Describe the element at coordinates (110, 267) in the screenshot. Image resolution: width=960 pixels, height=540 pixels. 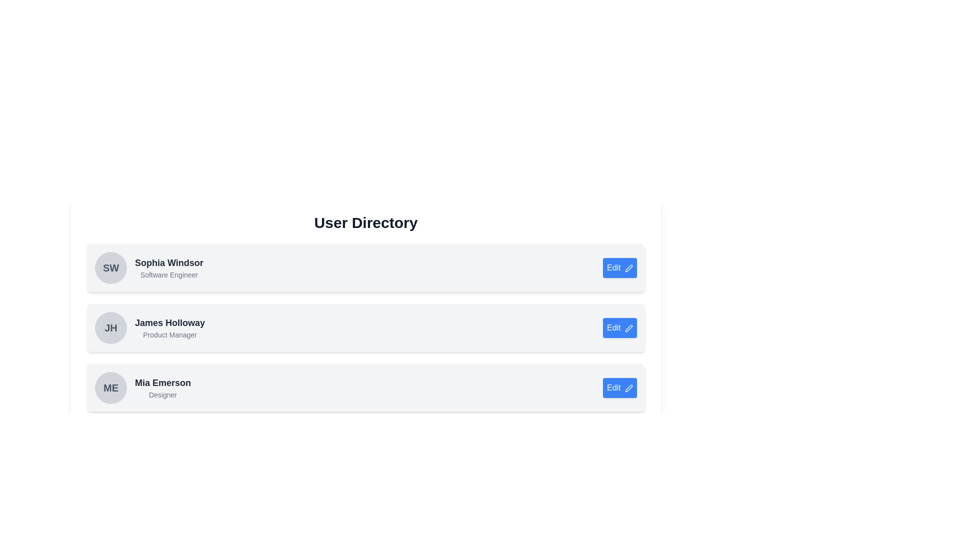
I see `the circular badge with a gray background and bold, white text reading 'SW'` at that location.